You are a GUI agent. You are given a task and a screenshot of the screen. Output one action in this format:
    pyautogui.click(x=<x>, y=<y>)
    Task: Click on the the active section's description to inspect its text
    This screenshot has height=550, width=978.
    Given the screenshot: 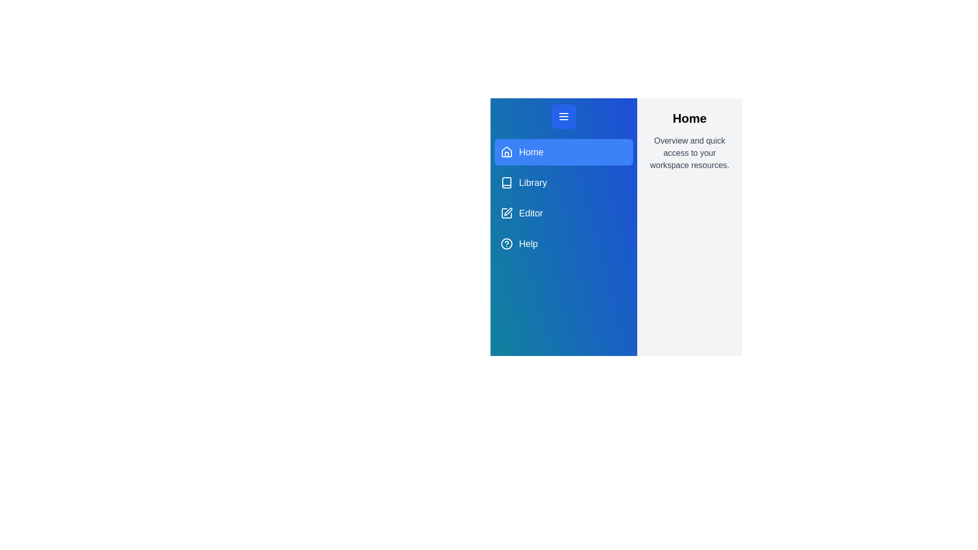 What is the action you would take?
    pyautogui.click(x=689, y=153)
    